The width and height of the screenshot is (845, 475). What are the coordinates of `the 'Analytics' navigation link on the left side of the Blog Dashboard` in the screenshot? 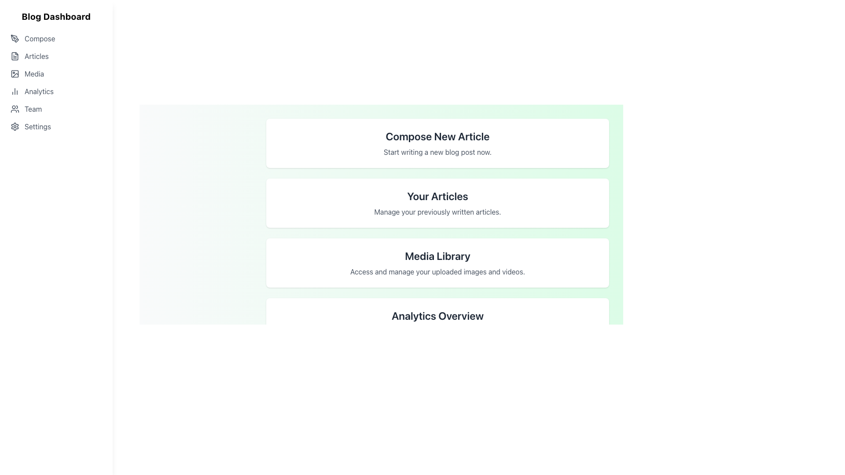 It's located at (56, 83).